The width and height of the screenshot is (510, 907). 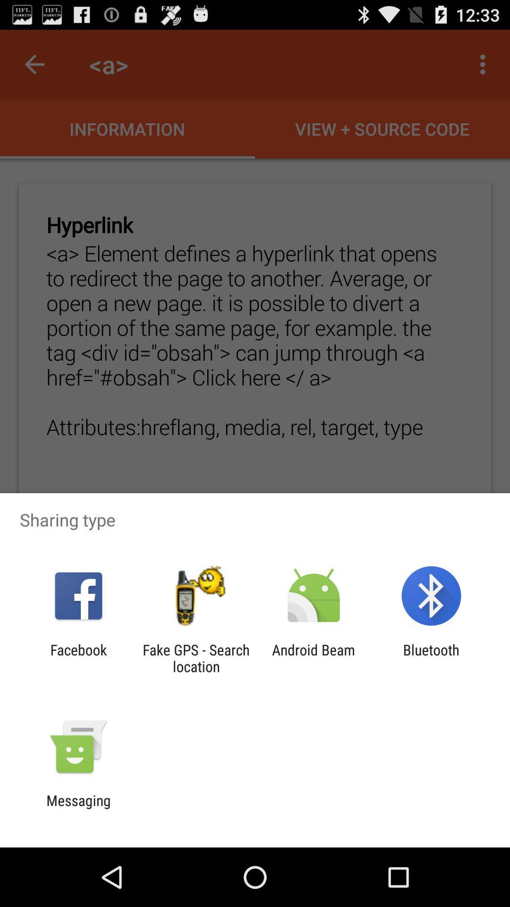 I want to click on the android beam item, so click(x=314, y=658).